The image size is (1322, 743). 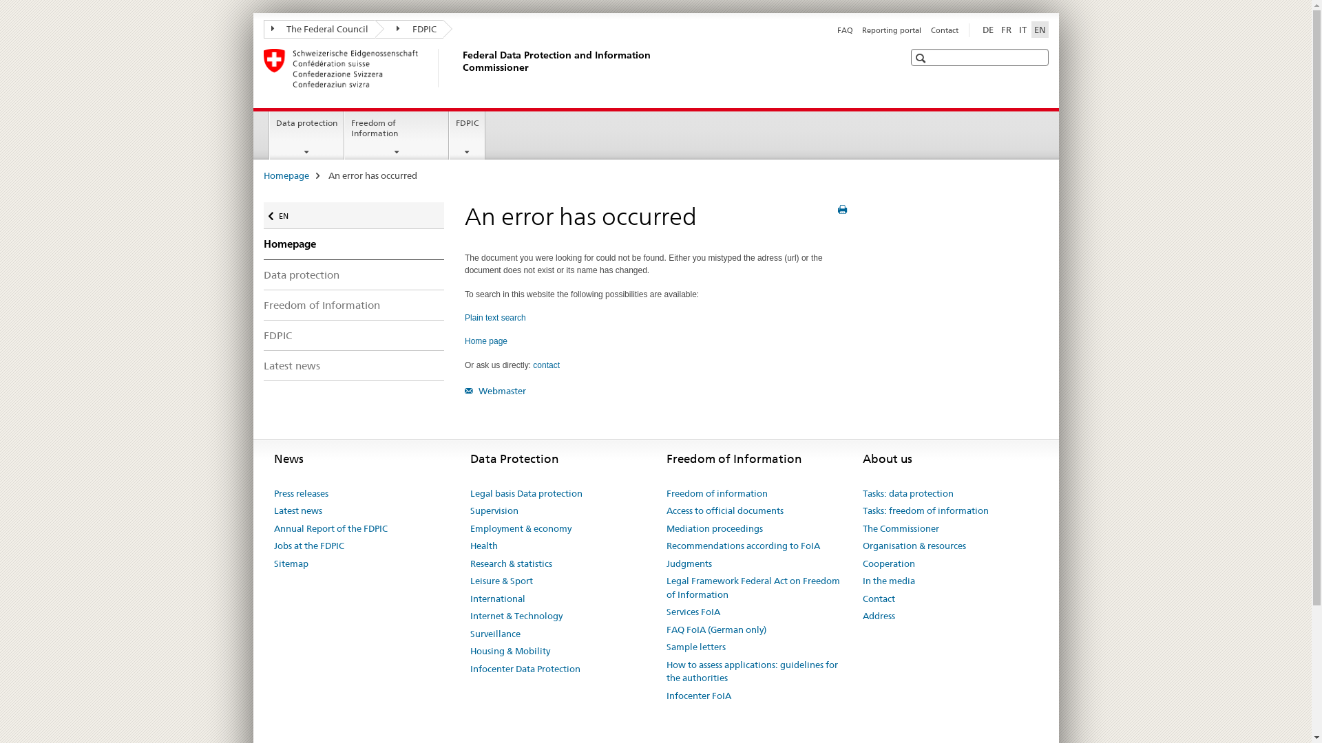 What do you see at coordinates (844, 30) in the screenshot?
I see `'FAQ'` at bounding box center [844, 30].